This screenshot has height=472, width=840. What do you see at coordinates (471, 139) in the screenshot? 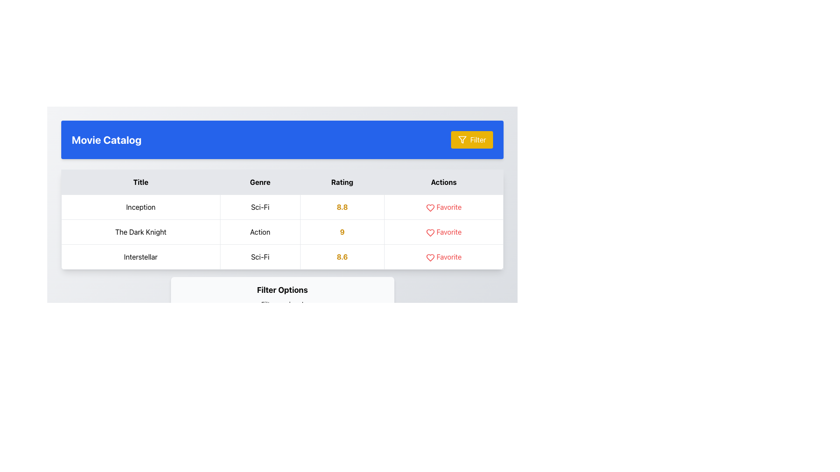
I see `the yellow 'Filter' button with rounded corners located near the top-right corner of the 'Movie Catalog' section` at bounding box center [471, 139].